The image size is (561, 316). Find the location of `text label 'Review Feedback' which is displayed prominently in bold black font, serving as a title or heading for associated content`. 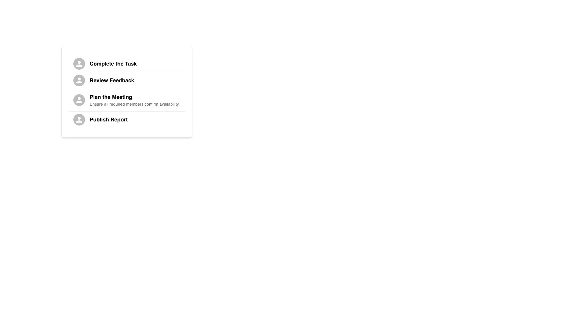

text label 'Review Feedback' which is displayed prominently in bold black font, serving as a title or heading for associated content is located at coordinates (112, 80).